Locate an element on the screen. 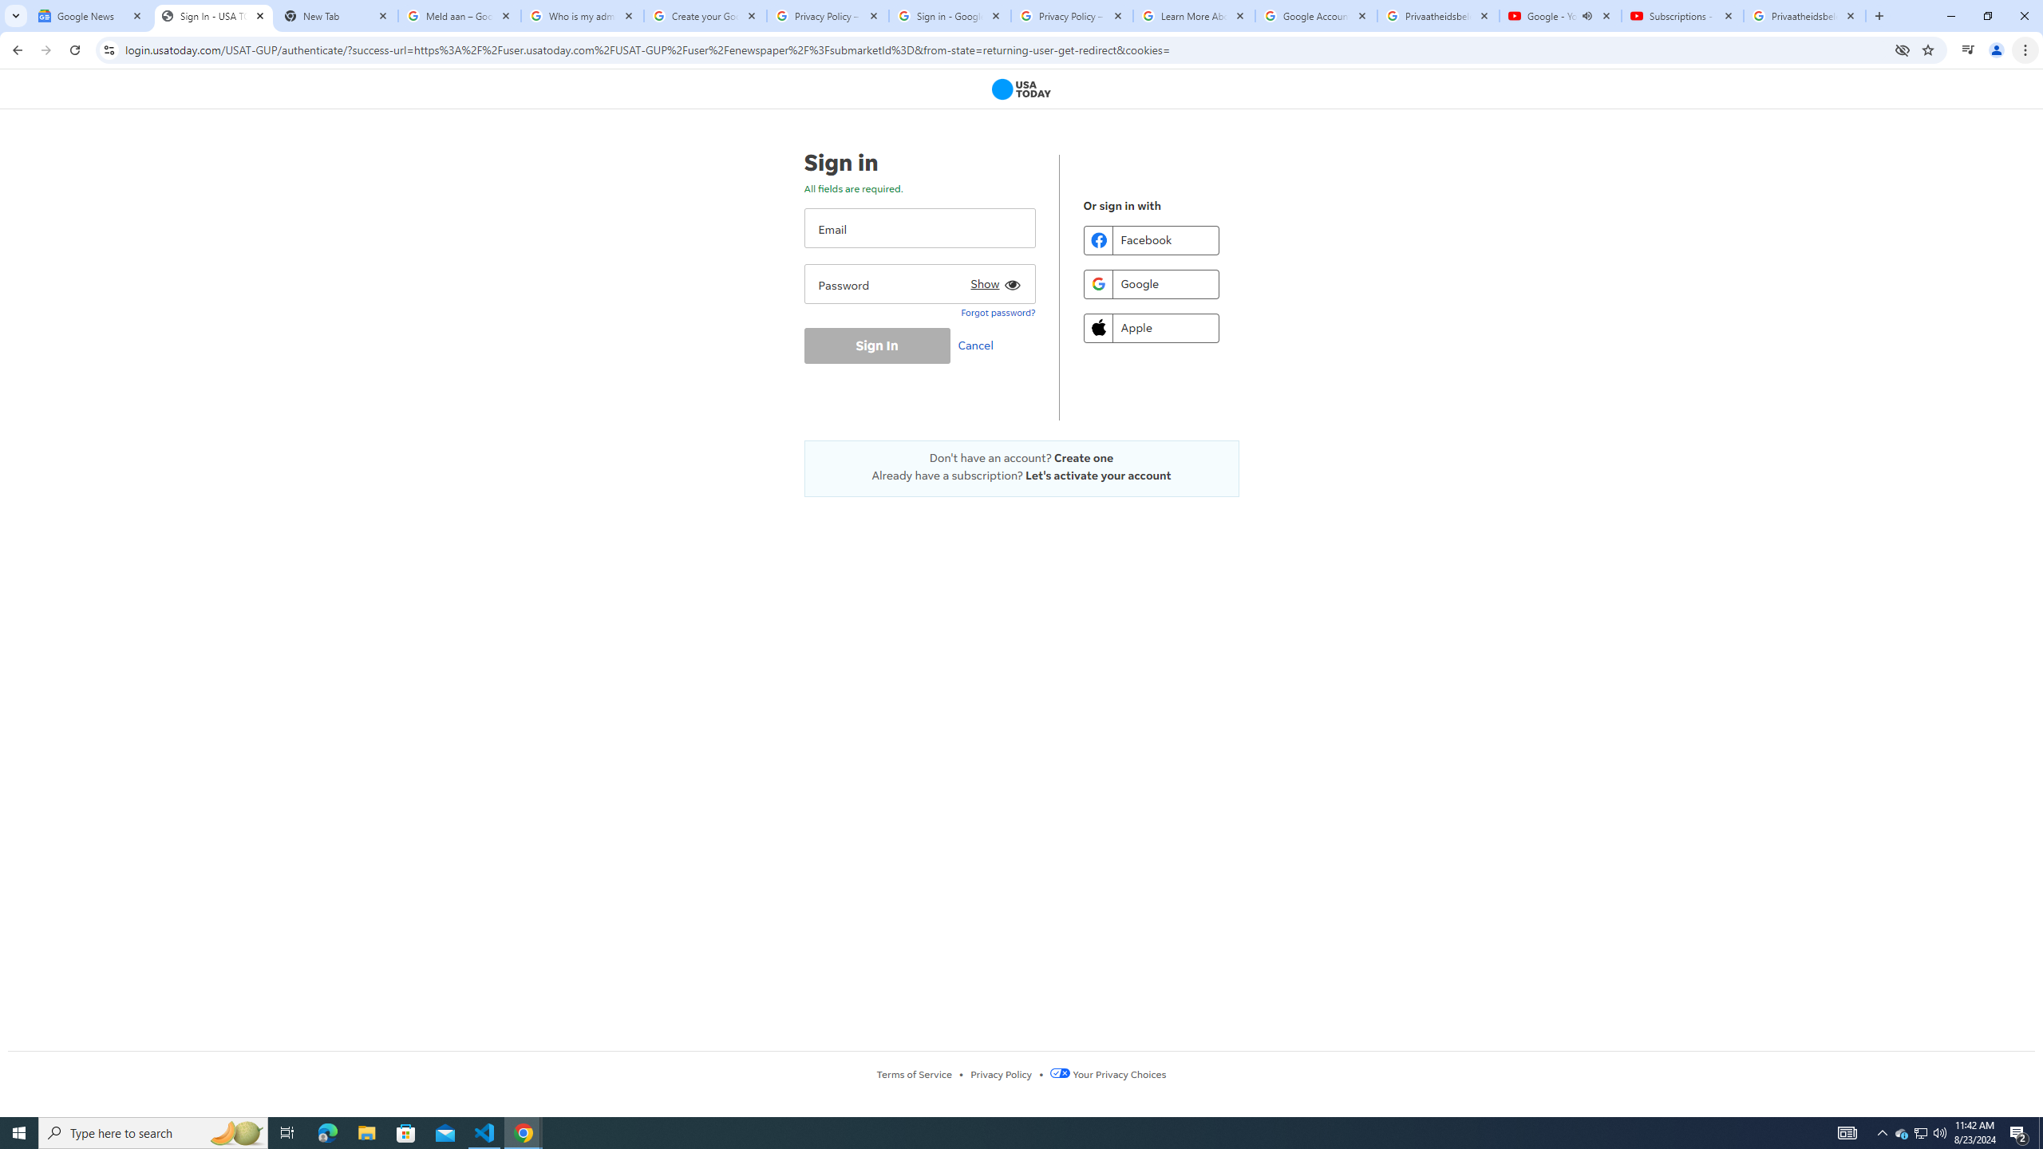 The width and height of the screenshot is (2043, 1149). 'Account Username' is located at coordinates (919, 227).